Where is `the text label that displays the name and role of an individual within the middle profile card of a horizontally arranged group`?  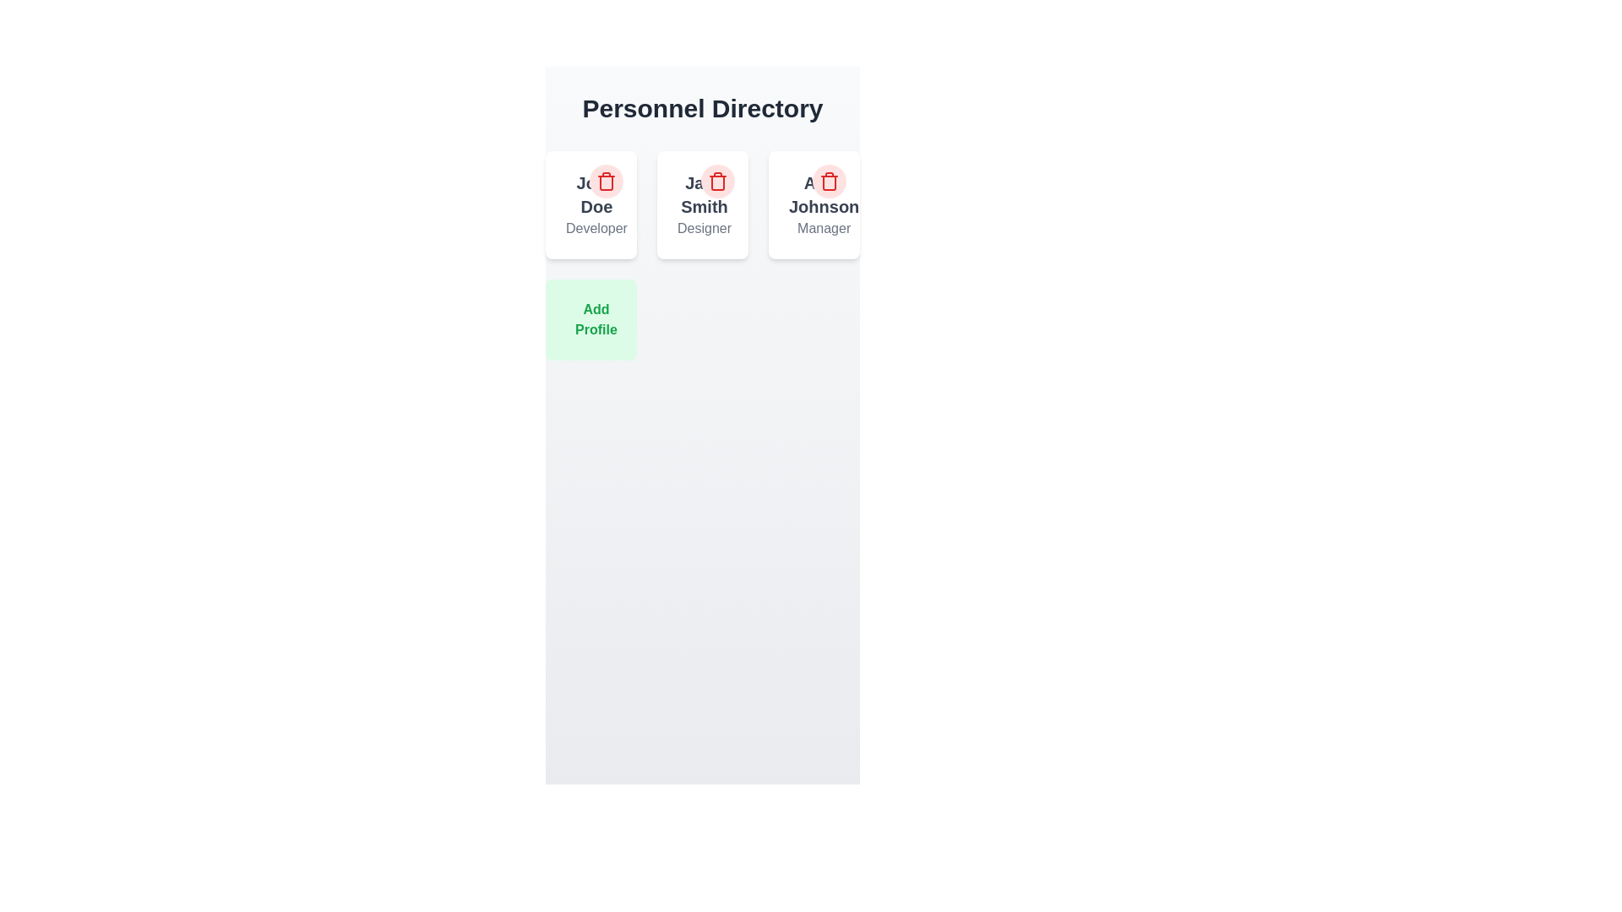
the text label that displays the name and role of an individual within the middle profile card of a horizontally arranged group is located at coordinates (702, 204).